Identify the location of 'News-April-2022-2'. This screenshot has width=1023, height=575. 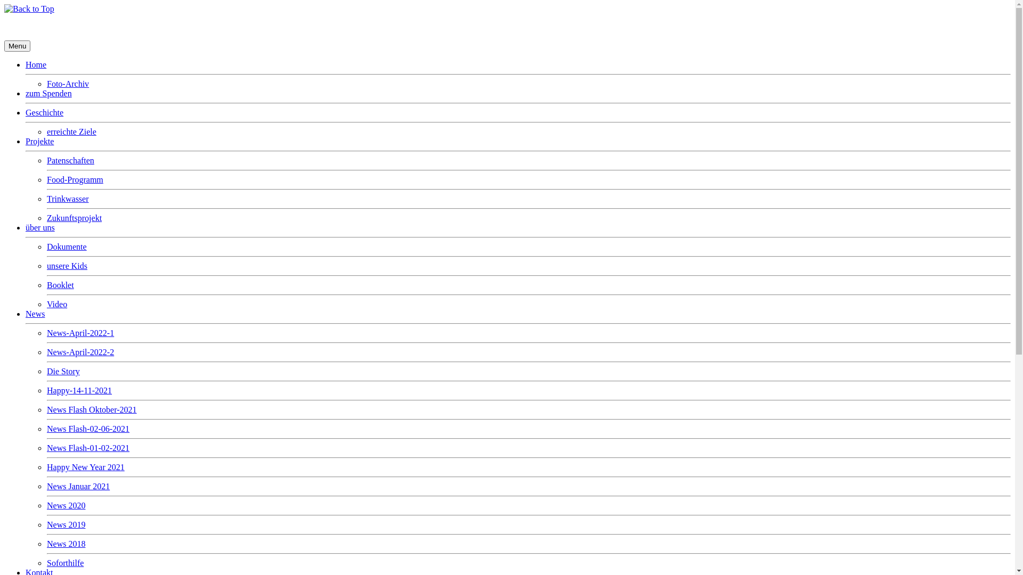
(79, 352).